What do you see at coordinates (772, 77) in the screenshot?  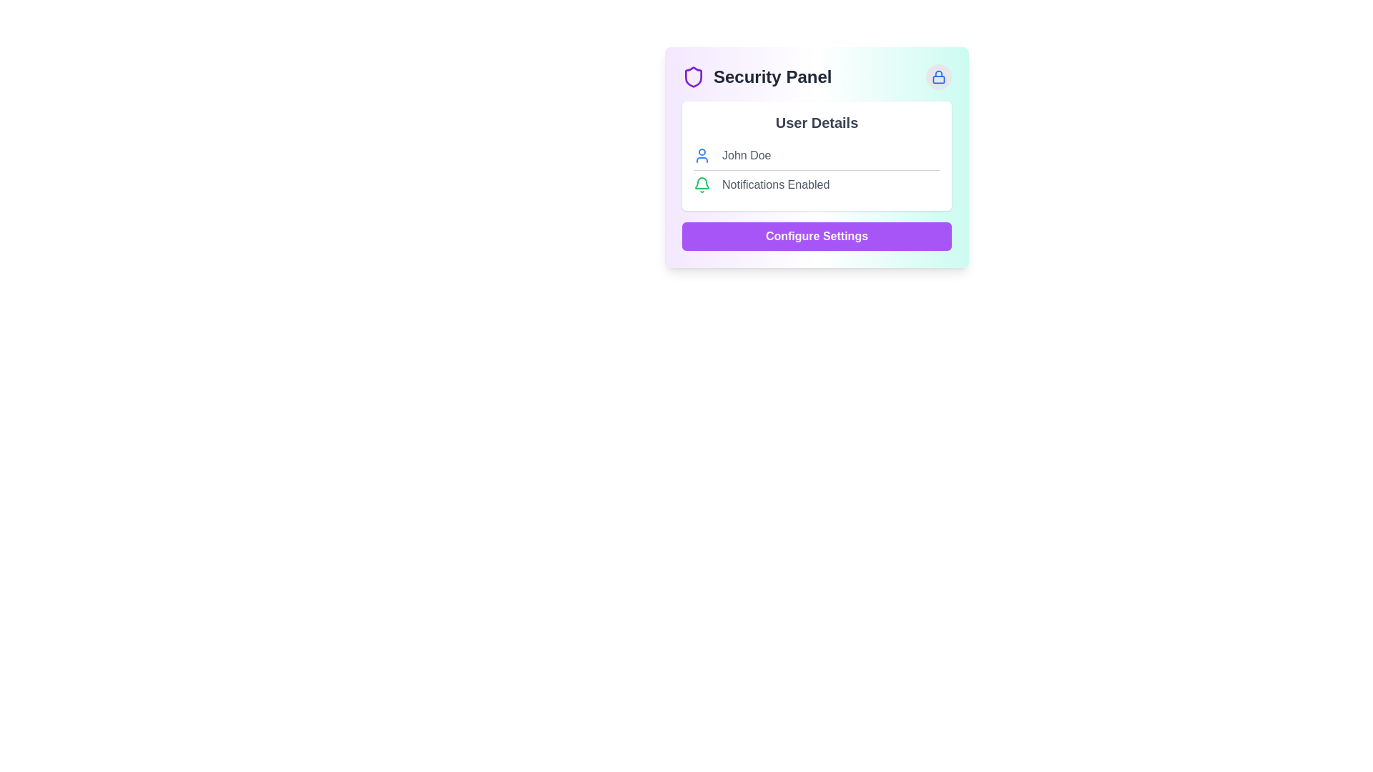 I see `the Text Label that serves as a header or title for the card, located centrally at the top of the card layout, to the right of a shield icon` at bounding box center [772, 77].